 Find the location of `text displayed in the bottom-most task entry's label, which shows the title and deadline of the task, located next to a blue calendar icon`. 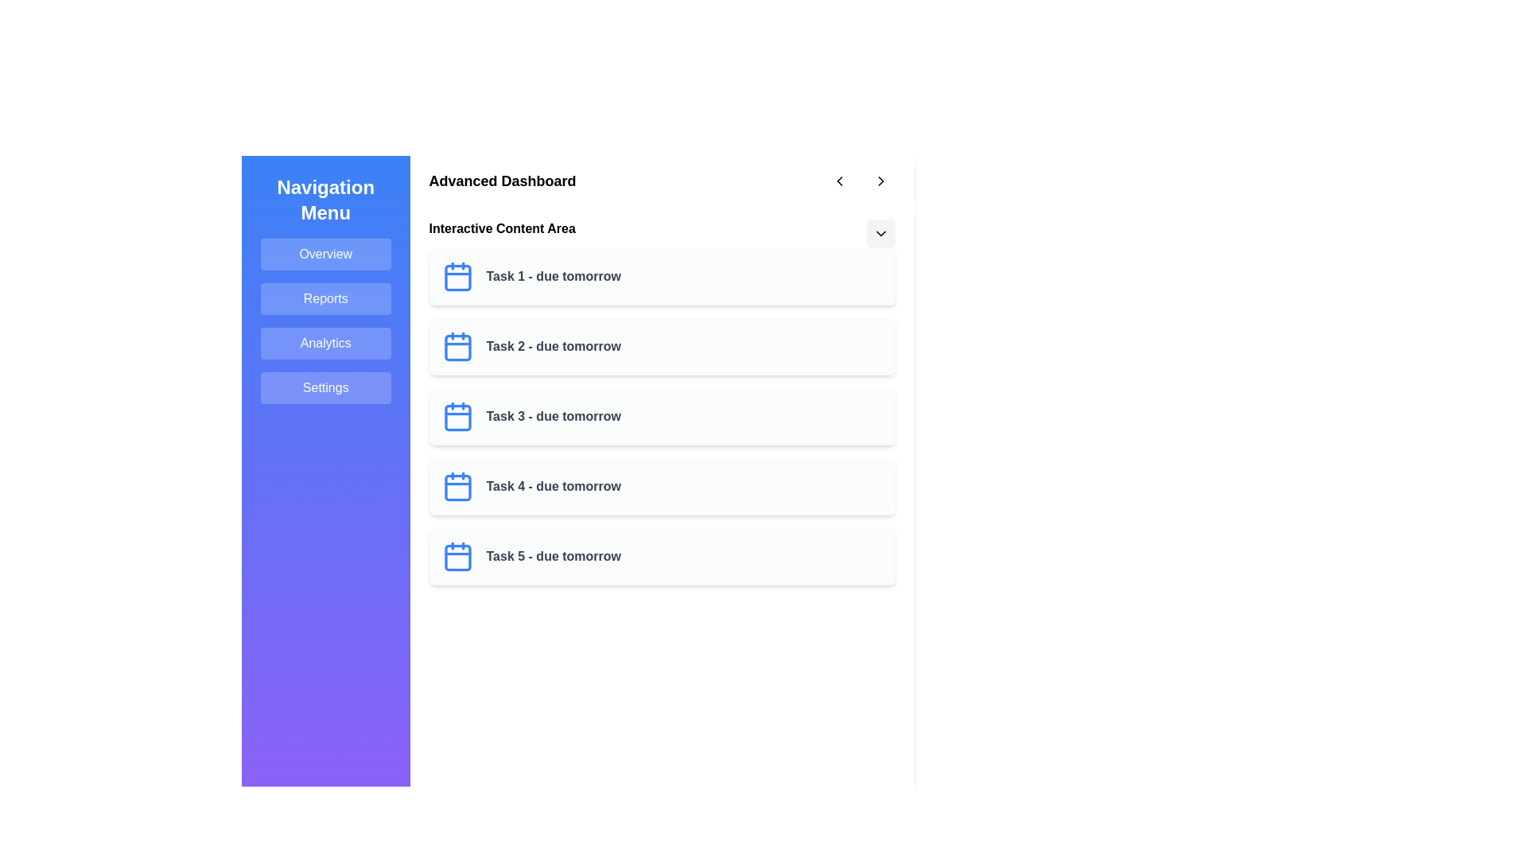

text displayed in the bottom-most task entry's label, which shows the title and deadline of the task, located next to a blue calendar icon is located at coordinates (554, 555).